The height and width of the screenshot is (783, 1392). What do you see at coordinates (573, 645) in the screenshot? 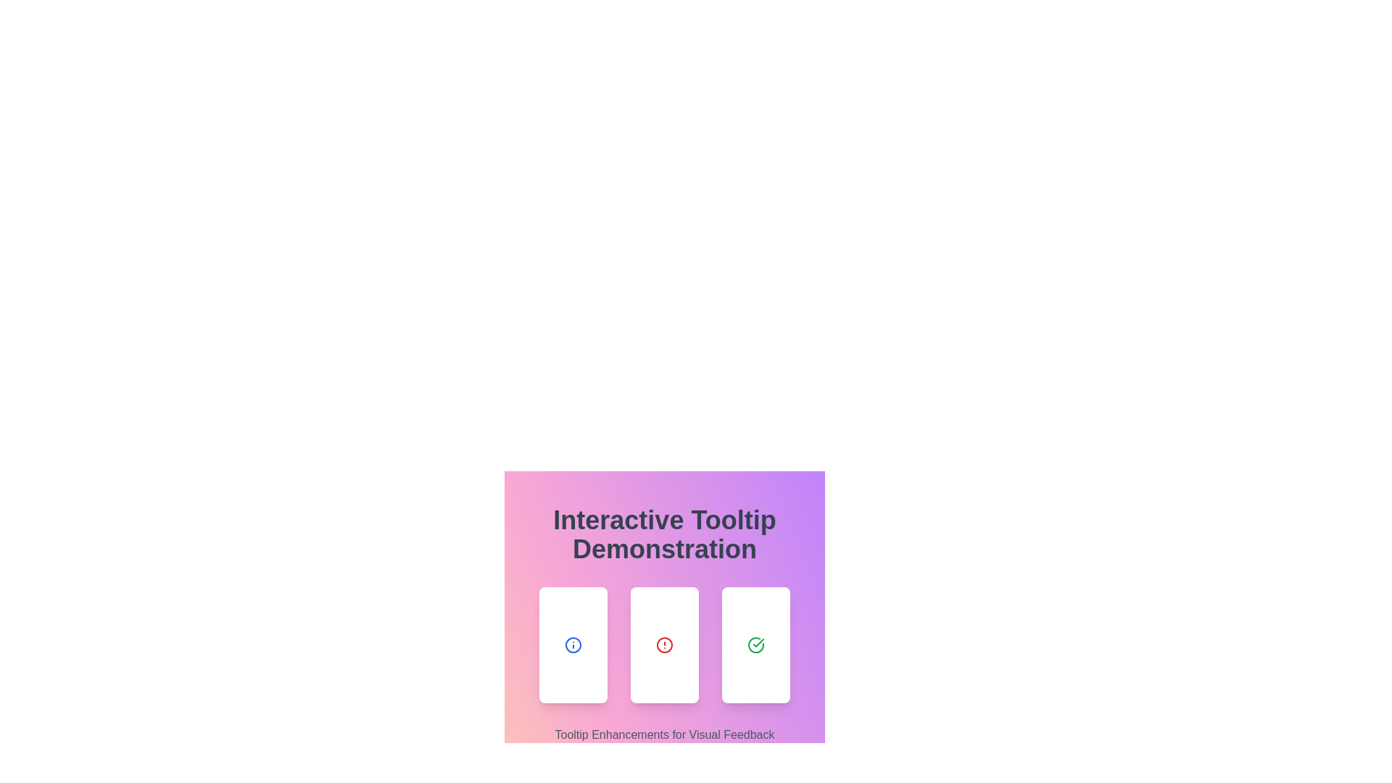
I see `the leftmost informational card in a group of three horizontally arranged cards` at bounding box center [573, 645].